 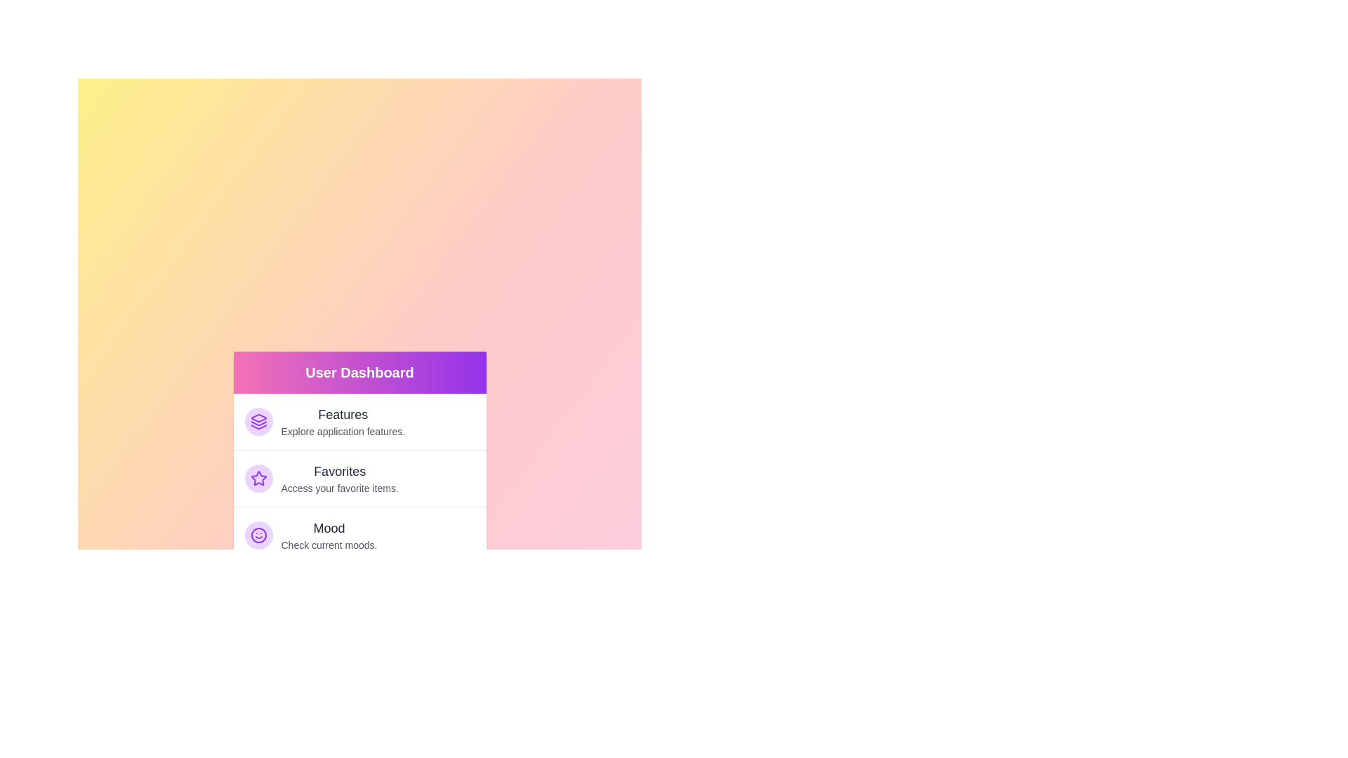 What do you see at coordinates (359, 421) in the screenshot?
I see `the menu item labeled Features to preview its description` at bounding box center [359, 421].